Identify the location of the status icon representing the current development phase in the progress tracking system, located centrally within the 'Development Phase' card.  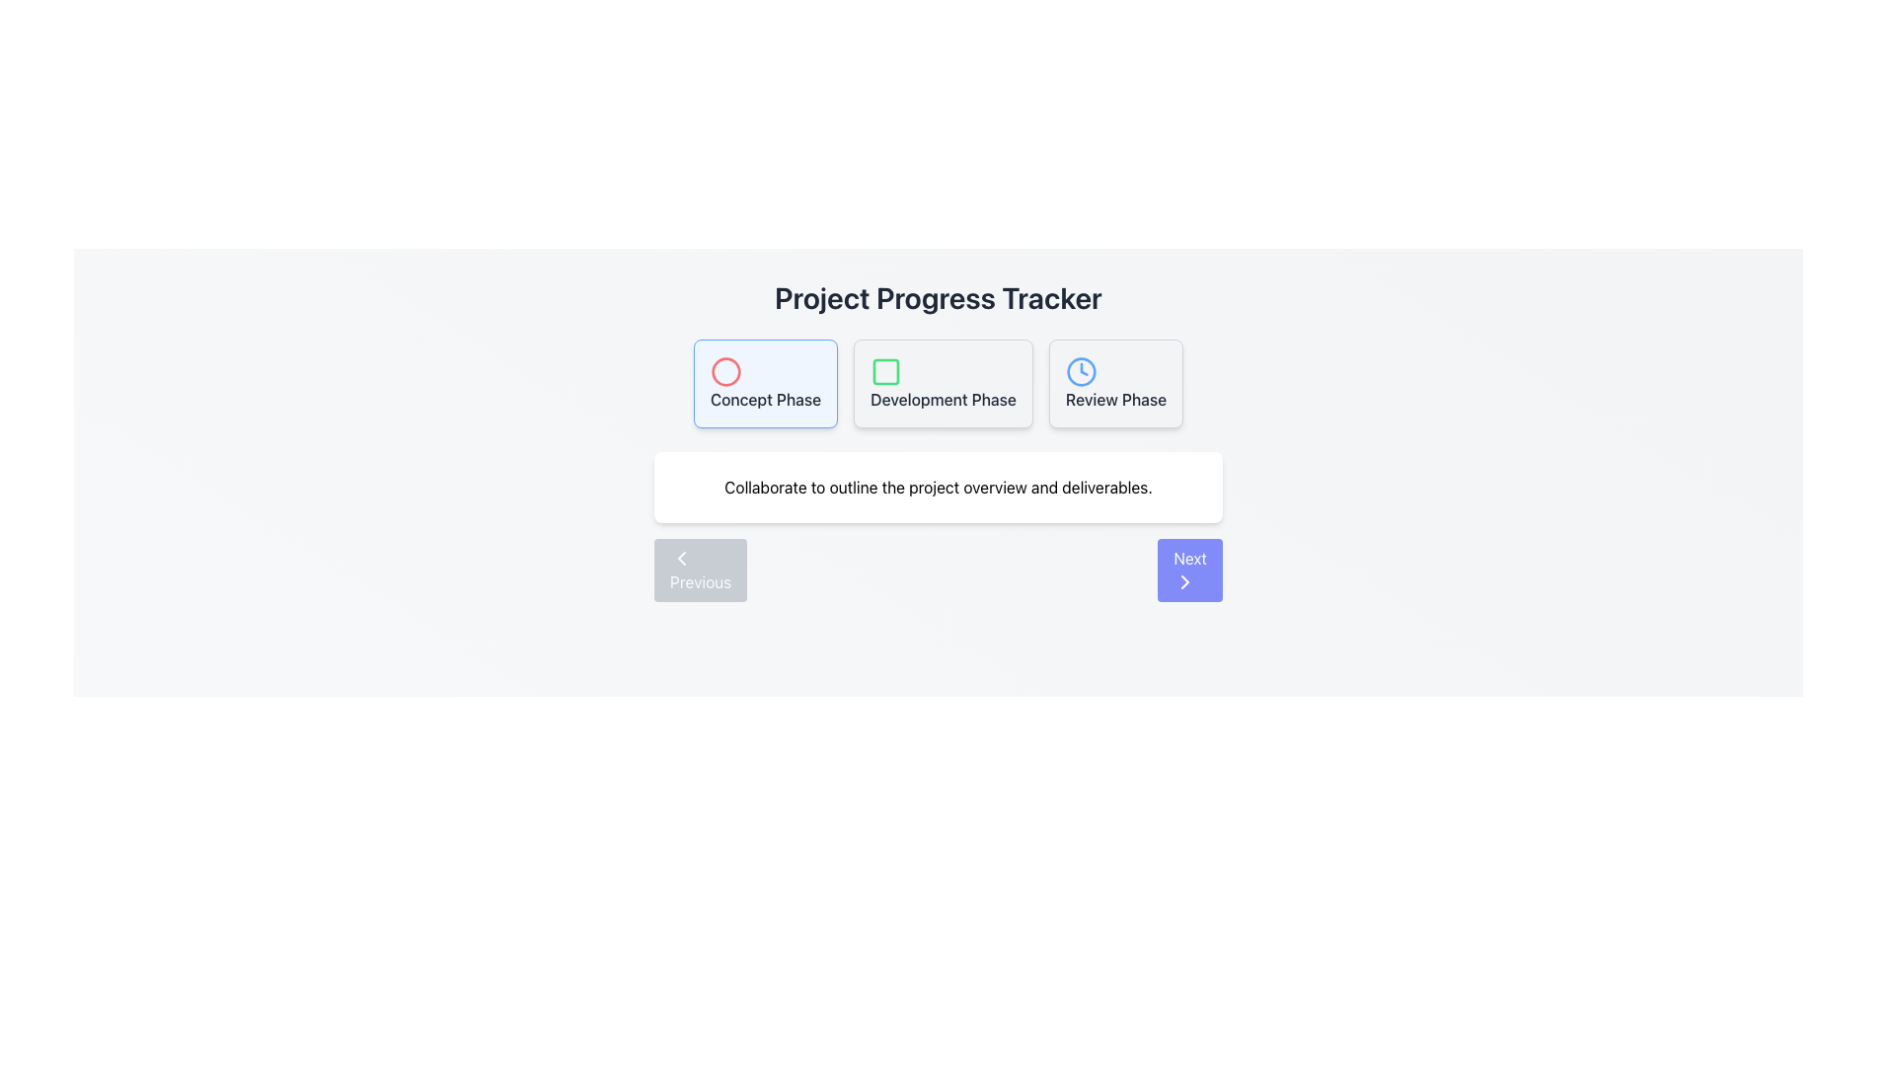
(885, 372).